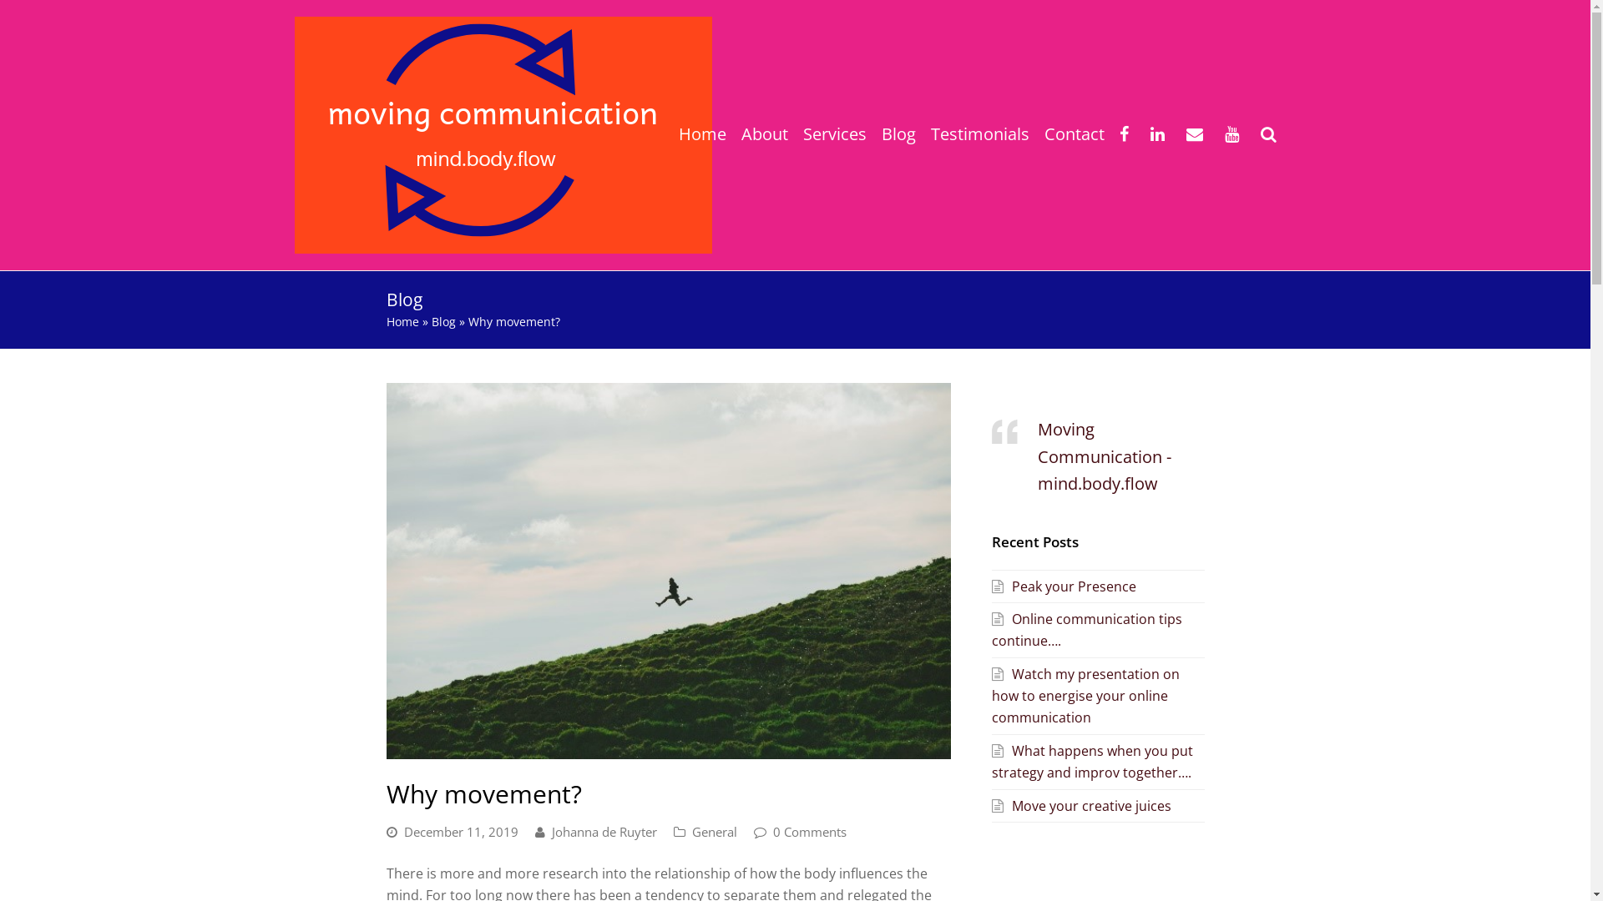  Describe the element at coordinates (763, 134) in the screenshot. I see `'About'` at that location.